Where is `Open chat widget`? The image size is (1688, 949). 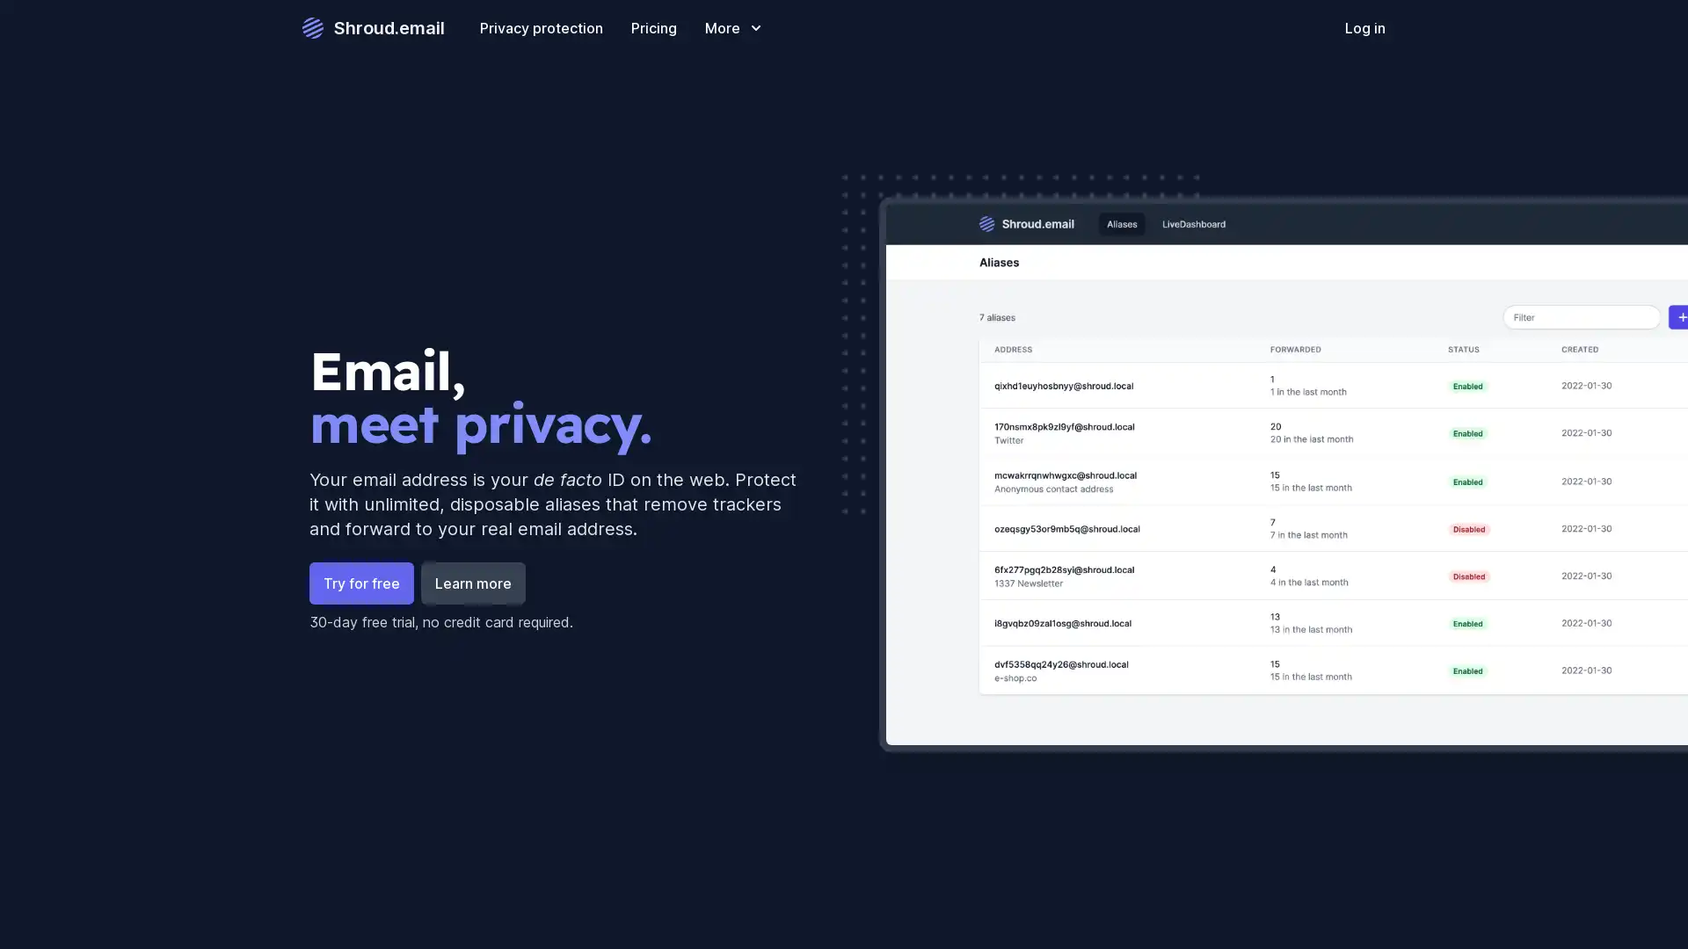
Open chat widget is located at coordinates (1648, 909).